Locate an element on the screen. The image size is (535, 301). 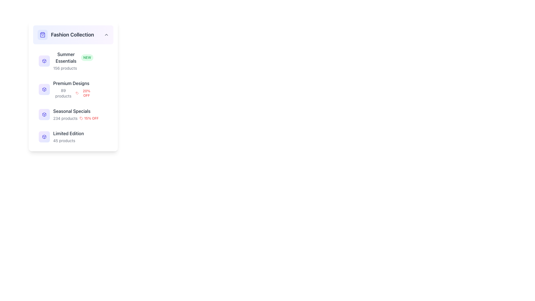
the third item in the vertical list under 'Fashion Collection' is located at coordinates (70, 114).